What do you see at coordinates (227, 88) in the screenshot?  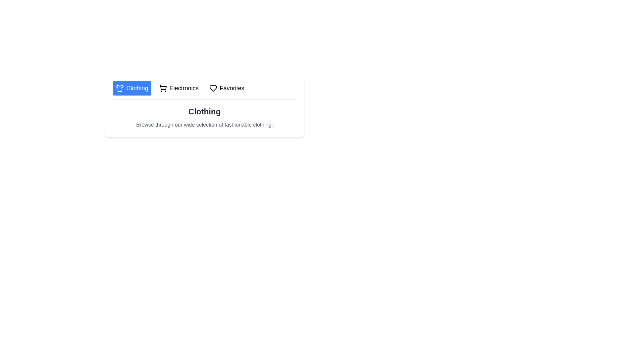 I see `the tab labeled Favorites to select it` at bounding box center [227, 88].